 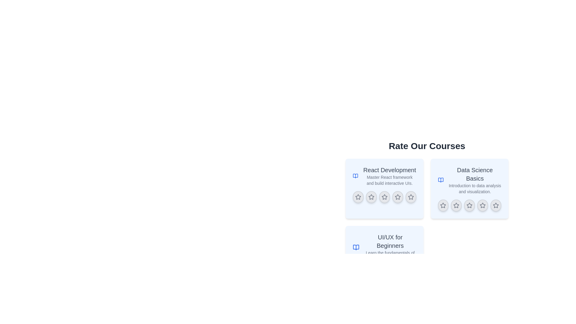 I want to click on the star button located in the center of the horizontal row of stars beneath the 'React Development' section to rate the course, so click(x=384, y=197).